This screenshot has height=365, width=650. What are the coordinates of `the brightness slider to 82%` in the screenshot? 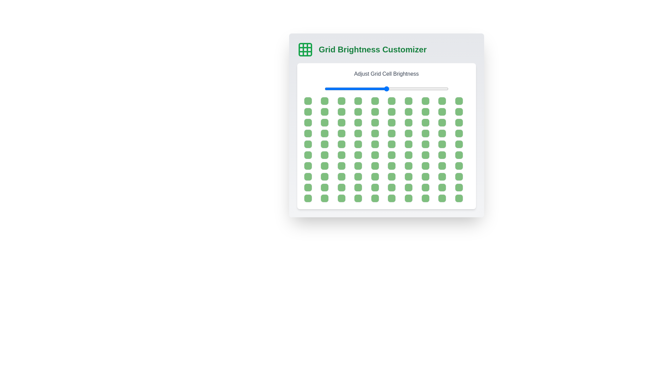 It's located at (426, 88).